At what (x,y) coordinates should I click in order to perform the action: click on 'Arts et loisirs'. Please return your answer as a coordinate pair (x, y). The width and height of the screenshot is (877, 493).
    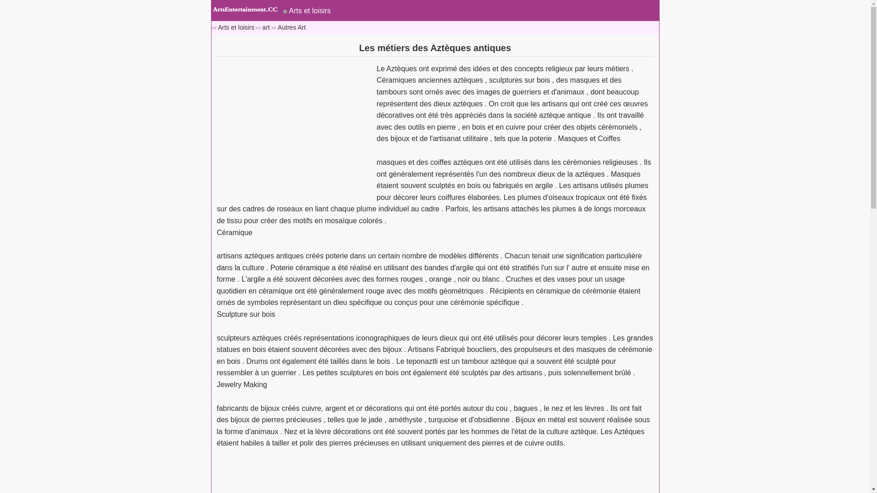
    Looking at the image, I should click on (236, 27).